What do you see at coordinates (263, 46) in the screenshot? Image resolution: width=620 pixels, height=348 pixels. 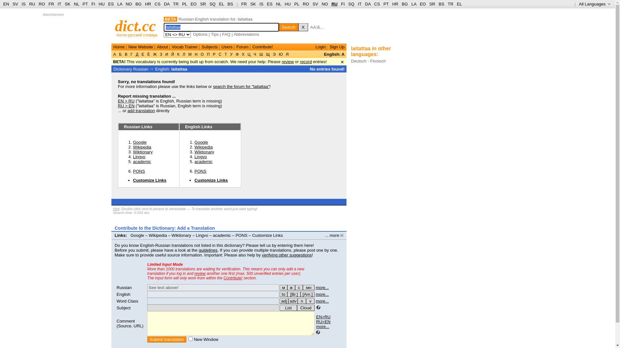 I see `'Contribute!'` at bounding box center [263, 46].